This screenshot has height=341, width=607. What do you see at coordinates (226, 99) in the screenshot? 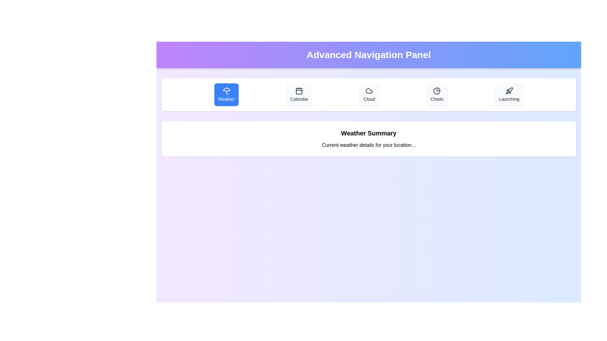
I see `the text label displaying 'Weather' within the blue button located at the top section of the interface, just below the header bar, which is the first button among its siblings` at bounding box center [226, 99].